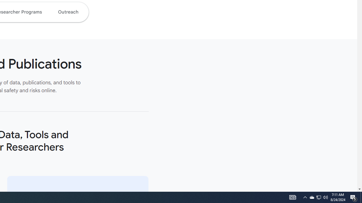 The image size is (362, 203). Describe the element at coordinates (68, 12) in the screenshot. I see `'Outreach'` at that location.